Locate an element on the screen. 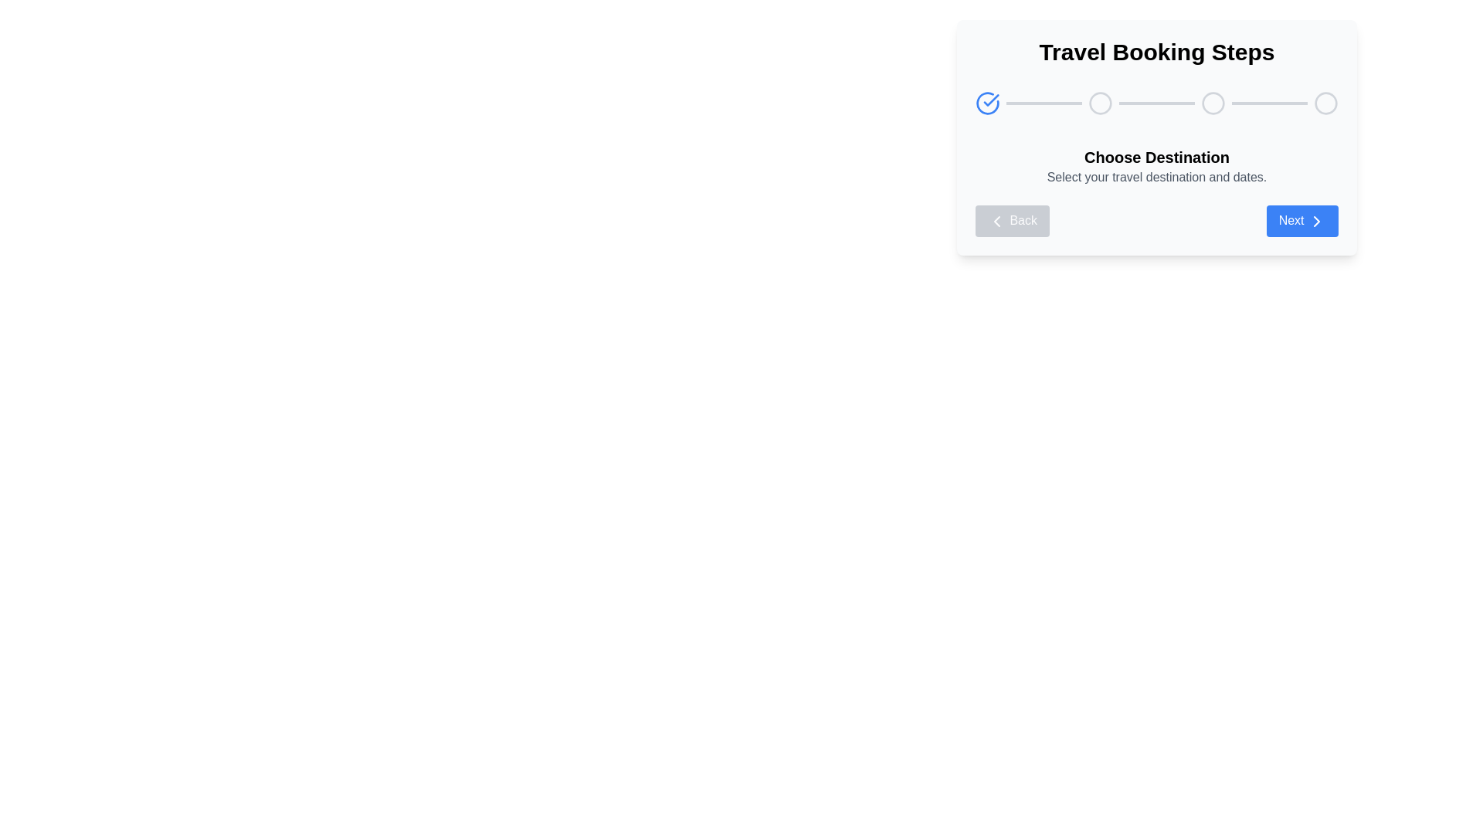 The width and height of the screenshot is (1483, 834). the chevron icon inside the 'Back' button located on the left side at the bottom of the travel booking card to indicate backward navigation is located at coordinates (997, 220).